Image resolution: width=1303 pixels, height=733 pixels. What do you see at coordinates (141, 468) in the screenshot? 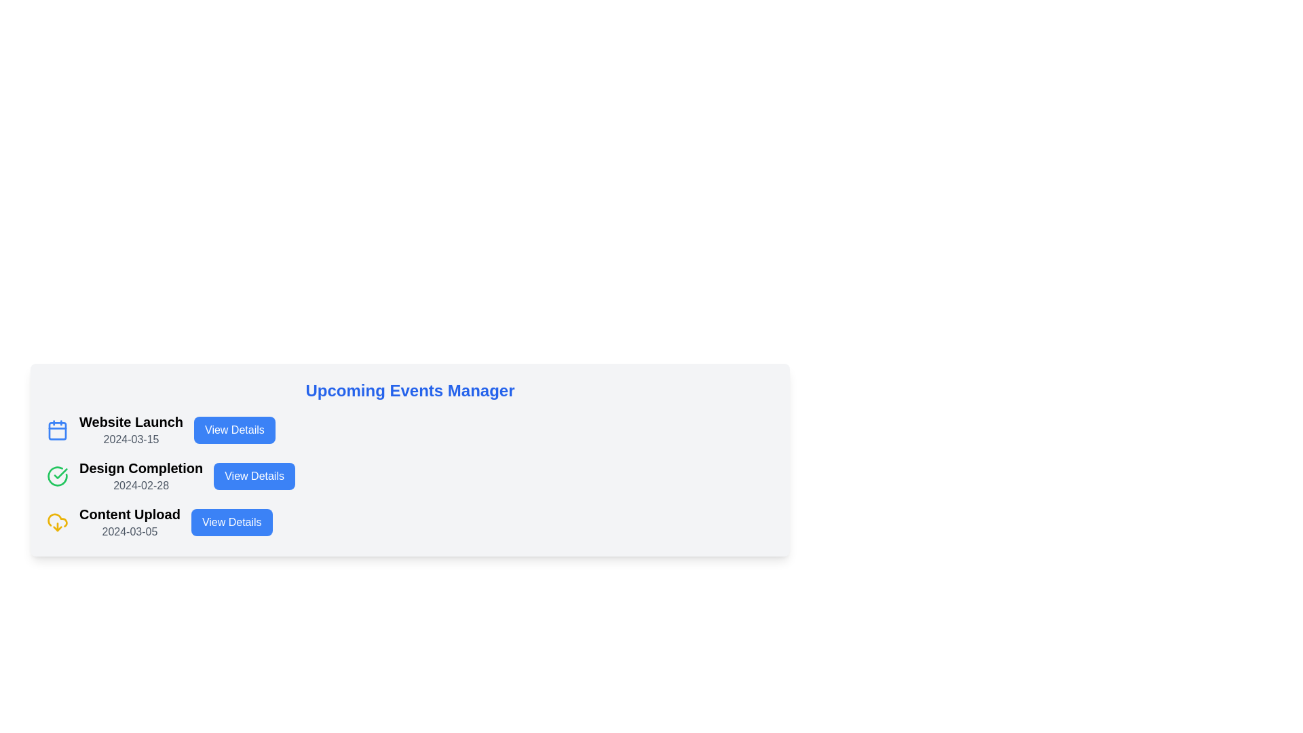
I see `the text label element reading 'Design Completion' which is styled in a bold black font and located on the left side of a white card interface, below 'Website Launch' and above 'Content Upload'` at bounding box center [141, 468].